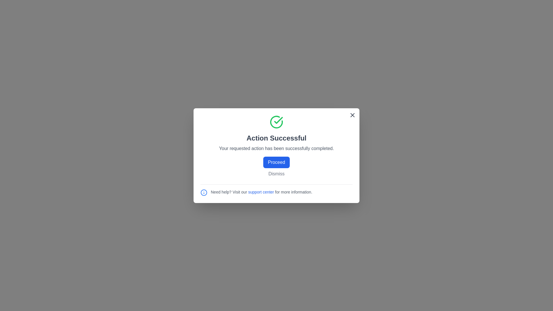  I want to click on the text link, so click(276, 173).